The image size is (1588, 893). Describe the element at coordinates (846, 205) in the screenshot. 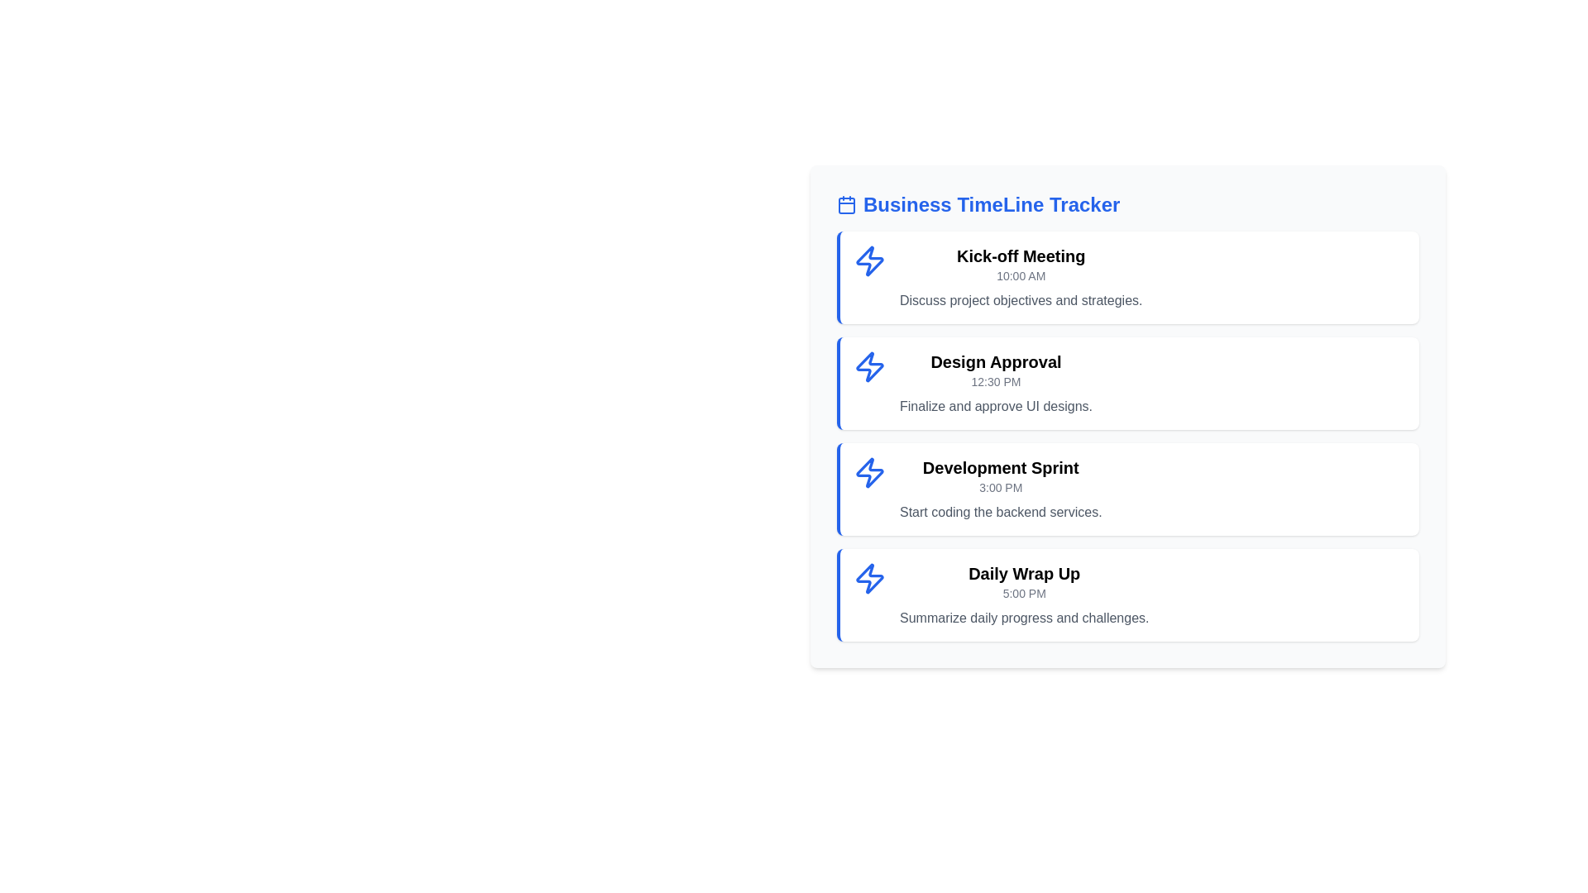

I see `the non-interactive SVG rectangle shape that serves as the main body of the calendar icon located near the 'Business TimeLine Tracker' title` at that location.